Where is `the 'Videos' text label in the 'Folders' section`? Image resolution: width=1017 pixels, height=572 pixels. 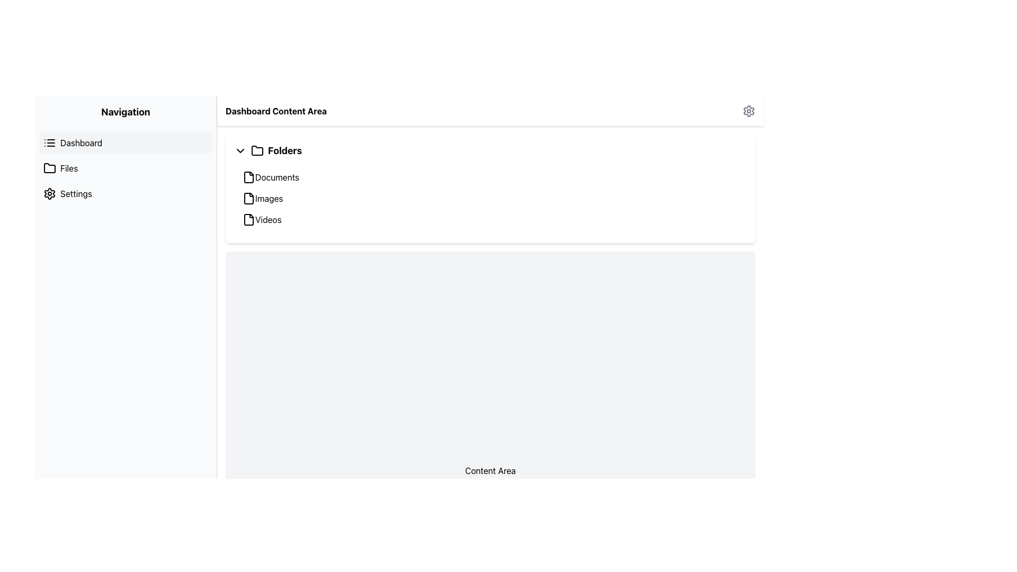 the 'Videos' text label in the 'Folders' section is located at coordinates (268, 219).